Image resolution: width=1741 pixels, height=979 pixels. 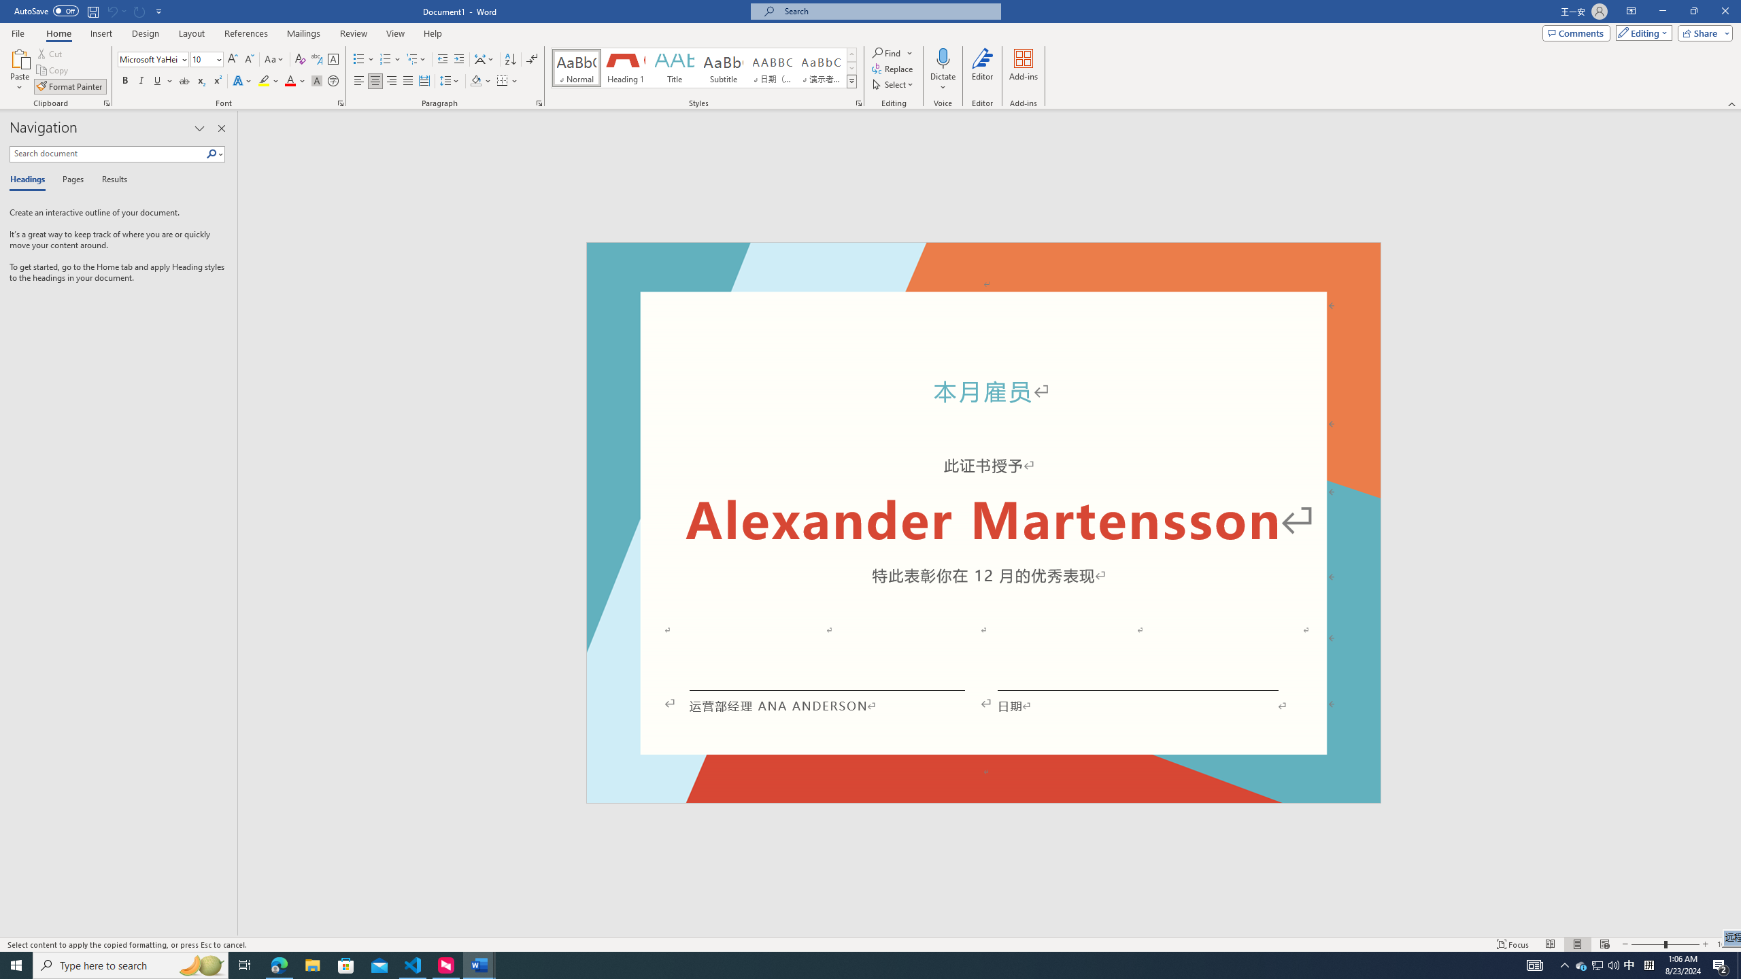 I want to click on 'Paragraph...', so click(x=539, y=102).